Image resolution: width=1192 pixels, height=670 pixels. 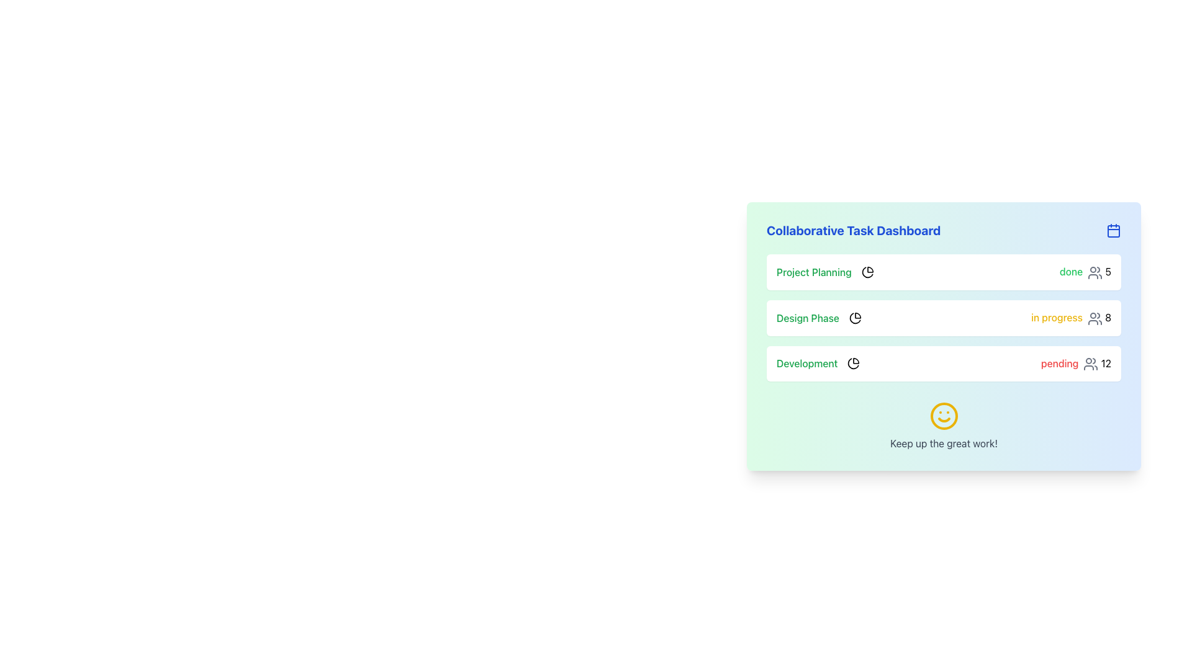 I want to click on the group of people icon, which is a minimalistic outline drawing in gray color, located to the right of the text 'pending' and to the left of the number '12' in the Collaborative Task Dashboard, so click(x=1090, y=364).